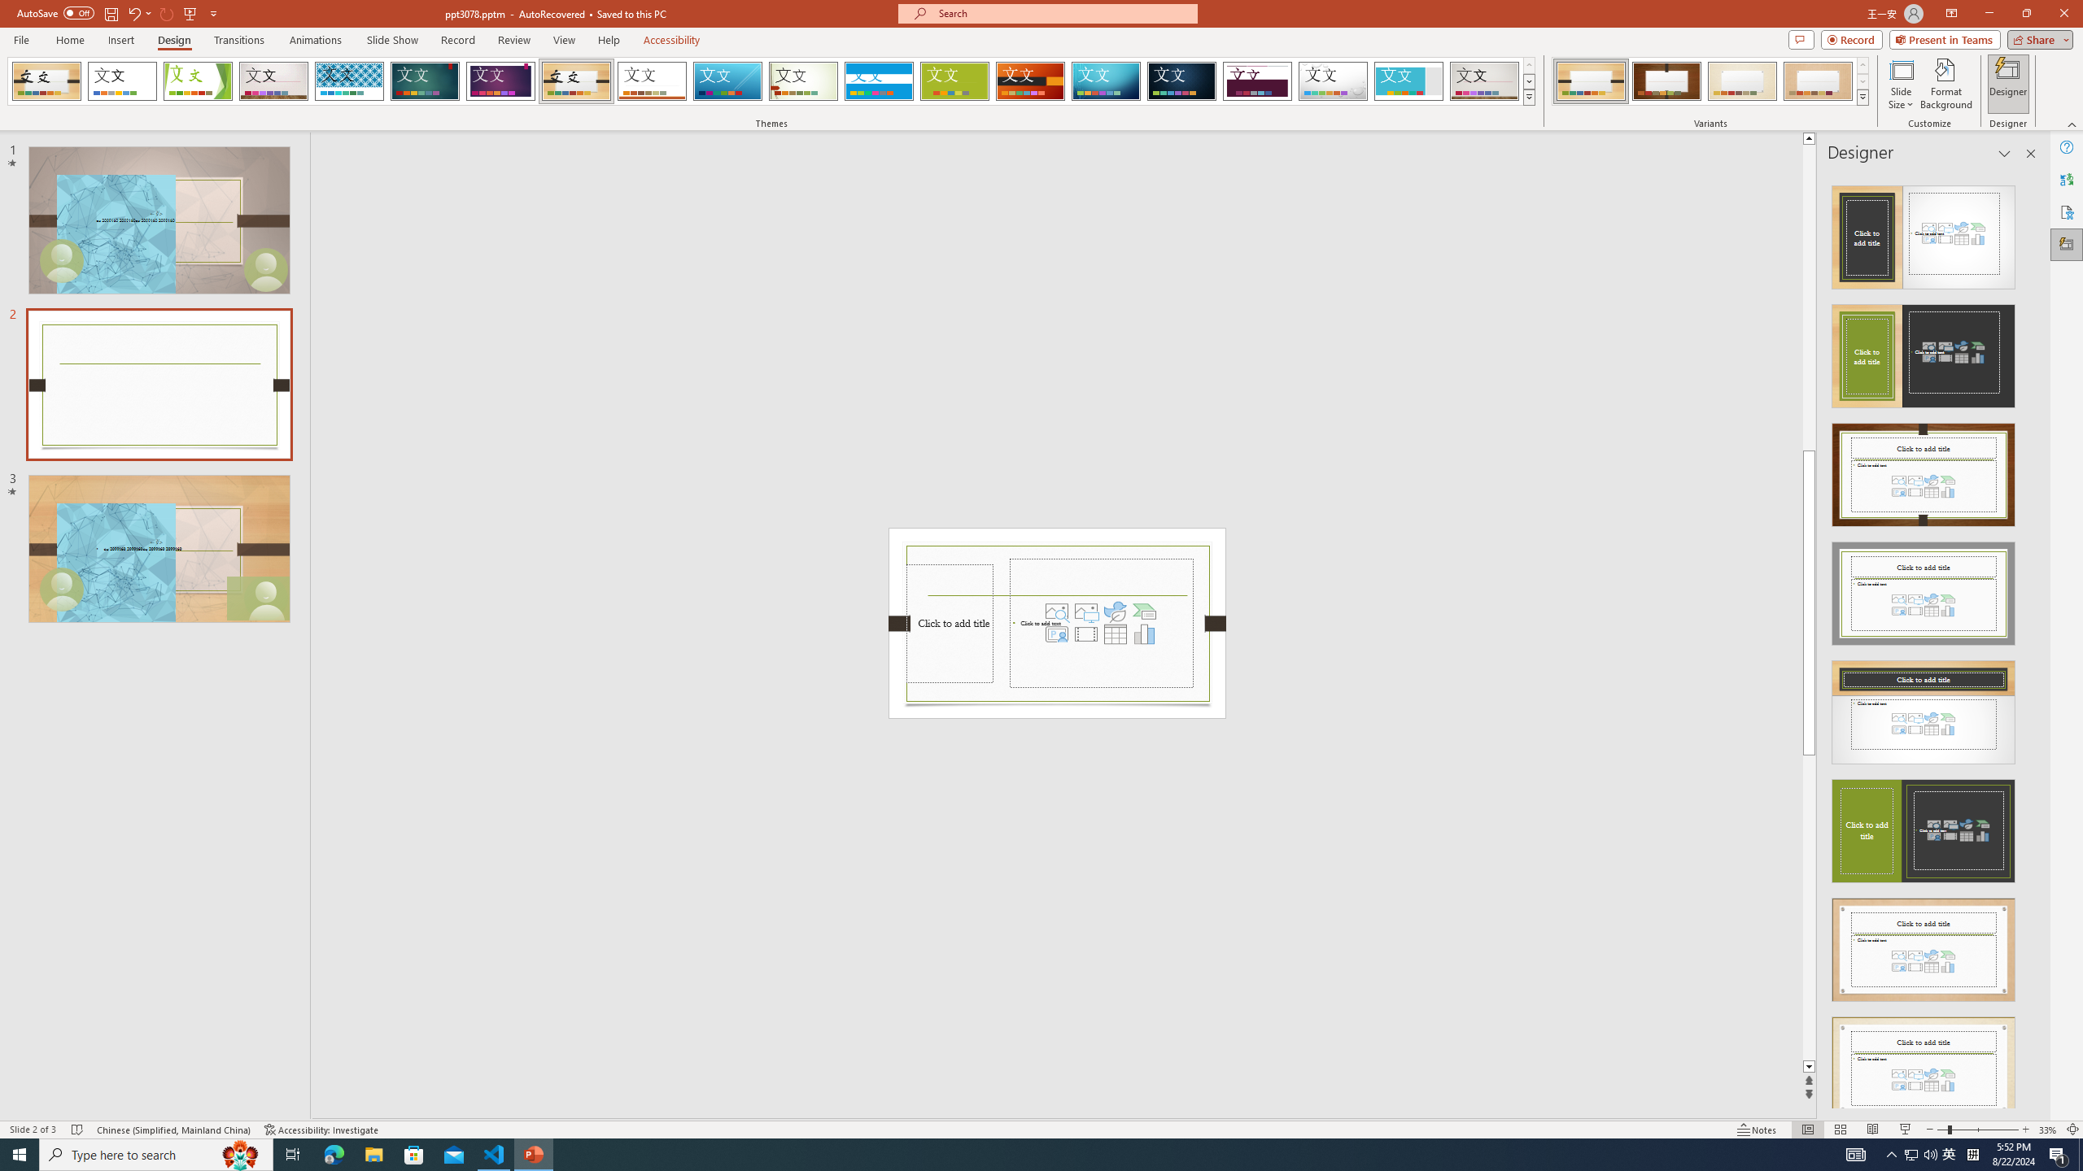  I want to click on 'Format Background', so click(1946, 84).